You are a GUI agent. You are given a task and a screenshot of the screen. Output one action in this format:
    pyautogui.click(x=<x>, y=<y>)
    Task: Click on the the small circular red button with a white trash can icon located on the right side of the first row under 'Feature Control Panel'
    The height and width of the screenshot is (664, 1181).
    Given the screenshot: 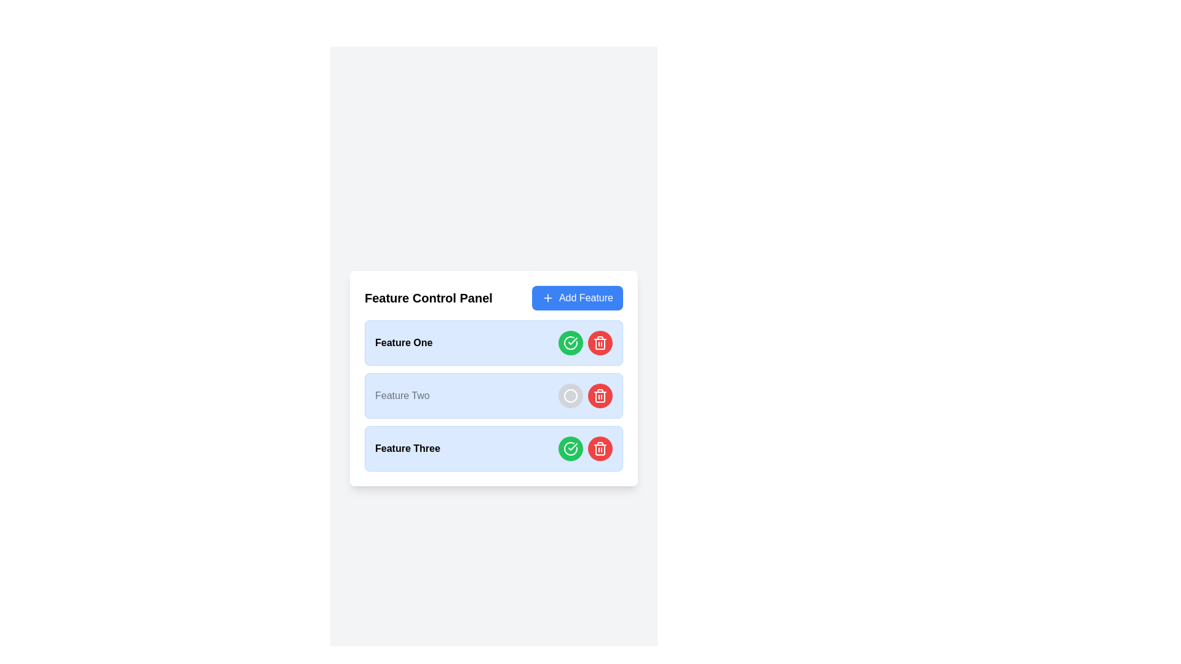 What is the action you would take?
    pyautogui.click(x=600, y=343)
    